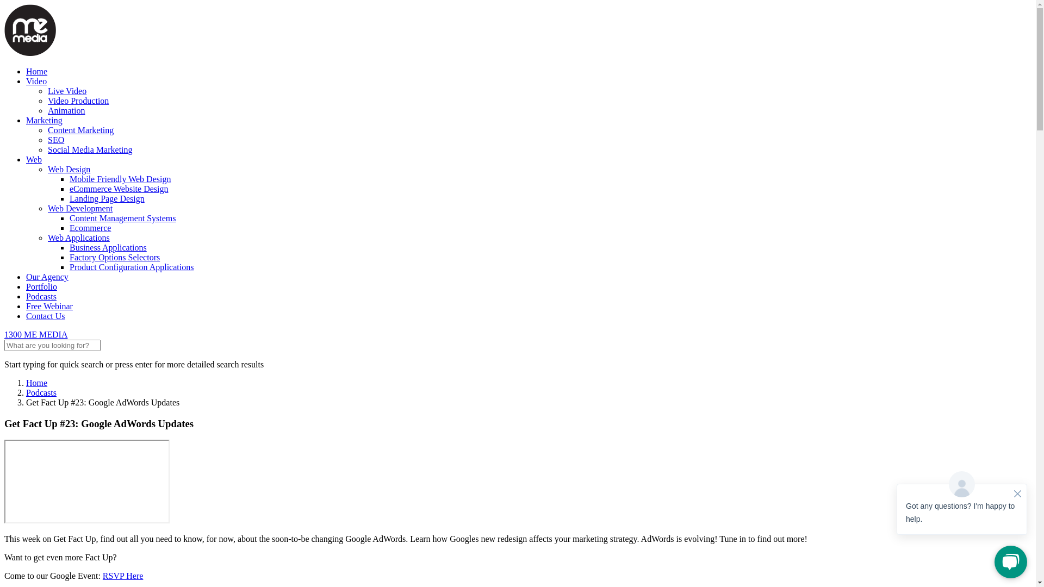  Describe the element at coordinates (69, 257) in the screenshot. I see `'Factory Options Selectors'` at that location.